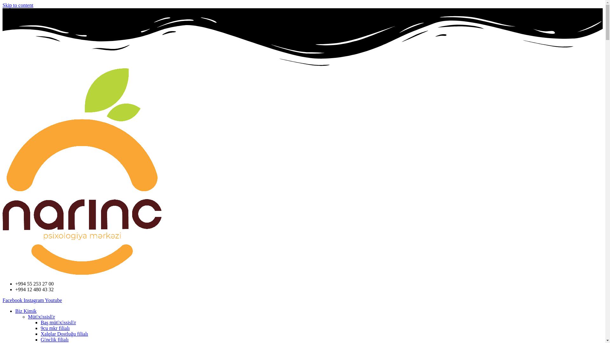  Describe the element at coordinates (18, 5) in the screenshot. I see `'Skip to content'` at that location.